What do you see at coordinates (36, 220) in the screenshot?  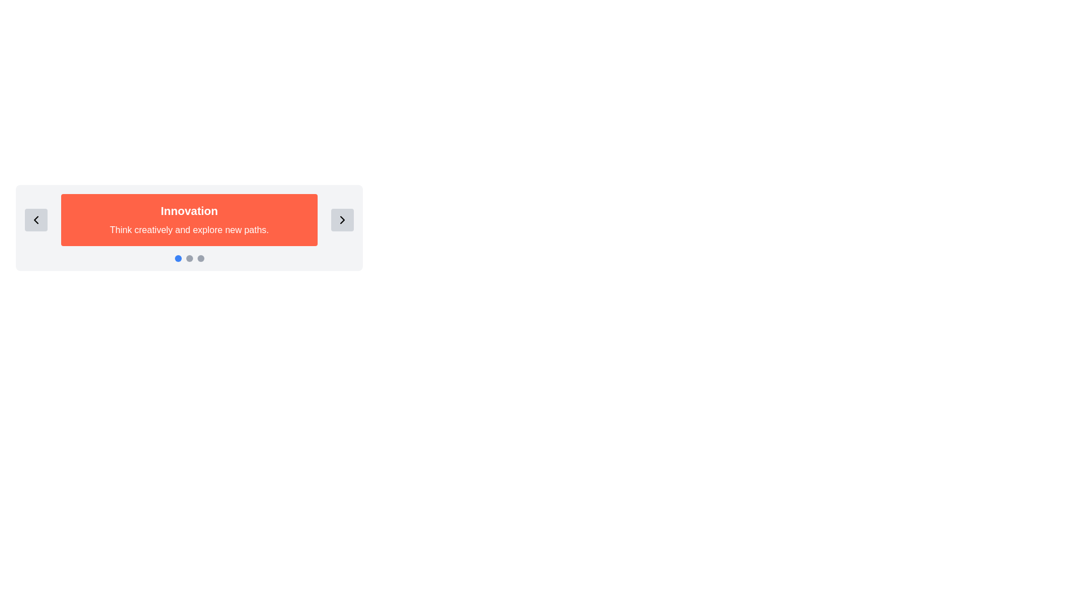 I see `the navigation button on the left side of the carousel` at bounding box center [36, 220].